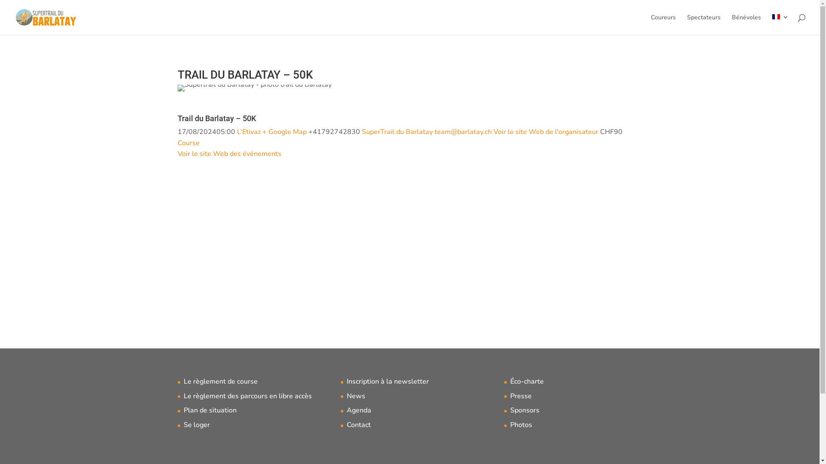 Image resolution: width=826 pixels, height=464 pixels. What do you see at coordinates (188, 142) in the screenshot?
I see `'Course'` at bounding box center [188, 142].